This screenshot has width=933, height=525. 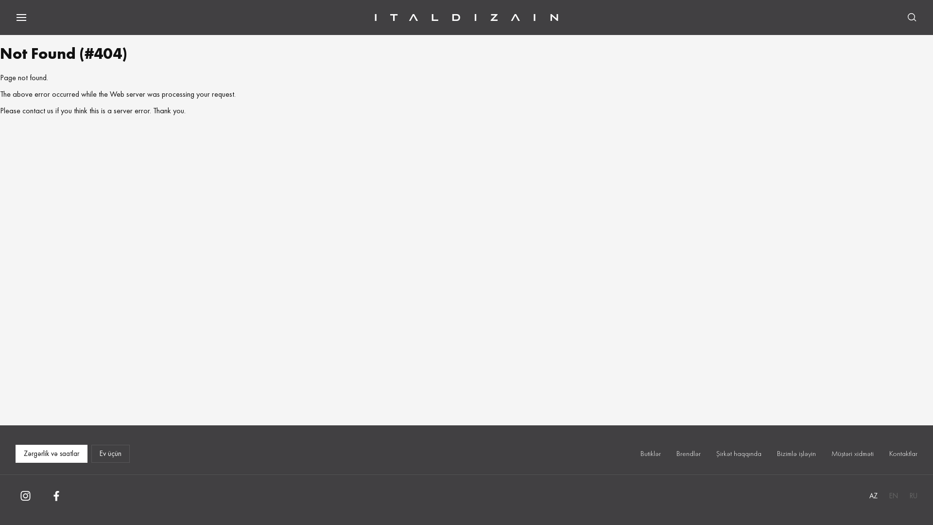 I want to click on 'AZ', so click(x=873, y=496).